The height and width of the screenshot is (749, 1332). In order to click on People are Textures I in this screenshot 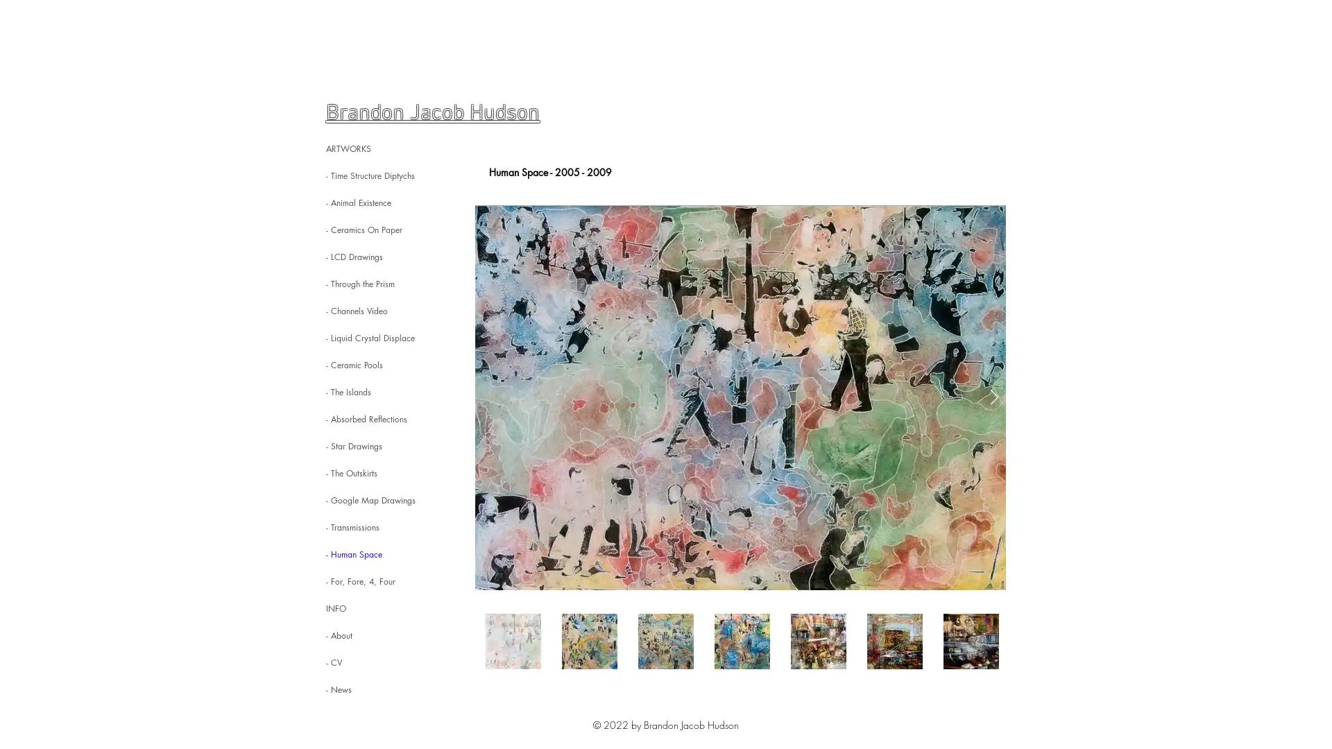, I will do `click(740, 397)`.